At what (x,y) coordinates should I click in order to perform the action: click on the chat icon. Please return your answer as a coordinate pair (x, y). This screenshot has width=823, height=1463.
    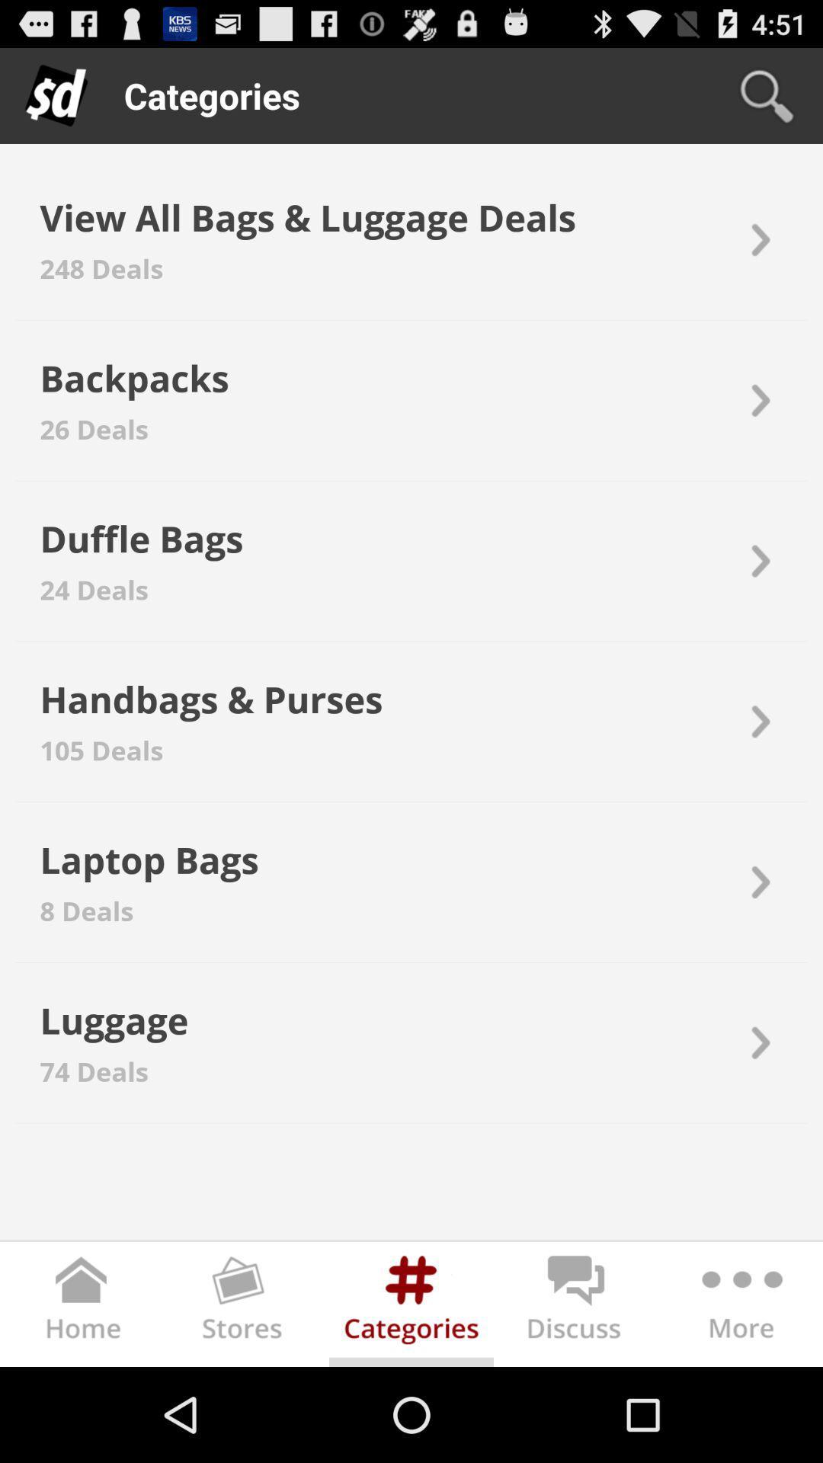
    Looking at the image, I should click on (576, 1399).